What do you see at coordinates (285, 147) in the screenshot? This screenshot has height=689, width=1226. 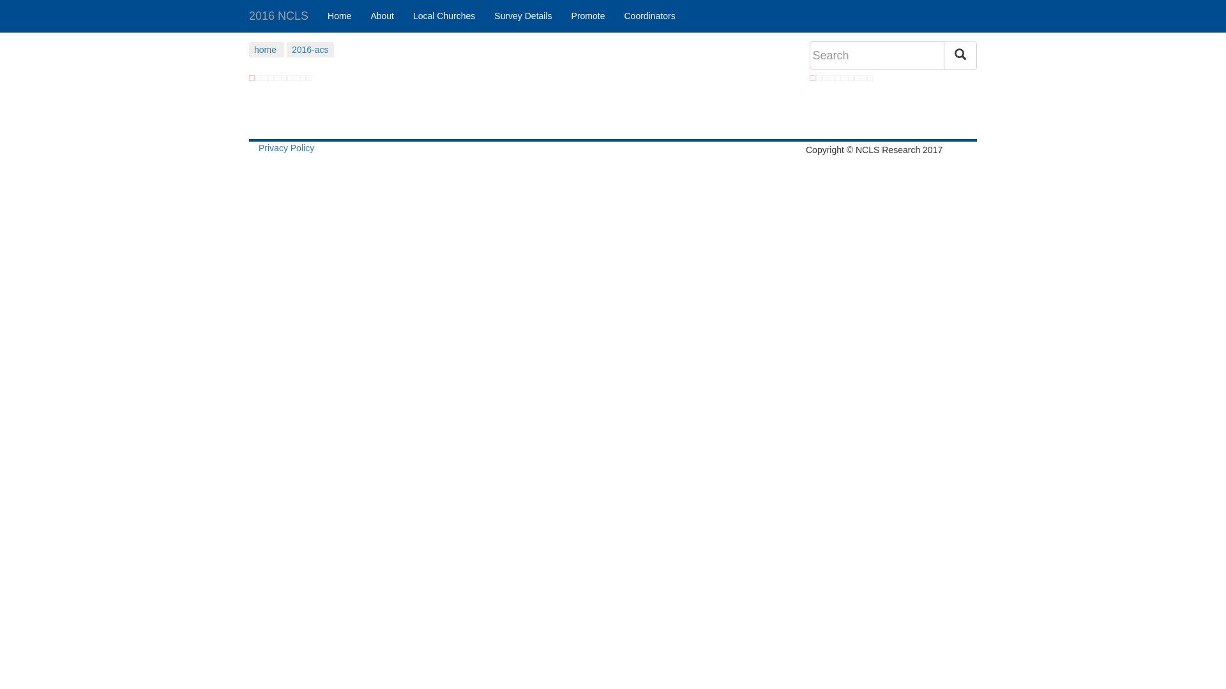 I see `'Privacy Policy'` at bounding box center [285, 147].